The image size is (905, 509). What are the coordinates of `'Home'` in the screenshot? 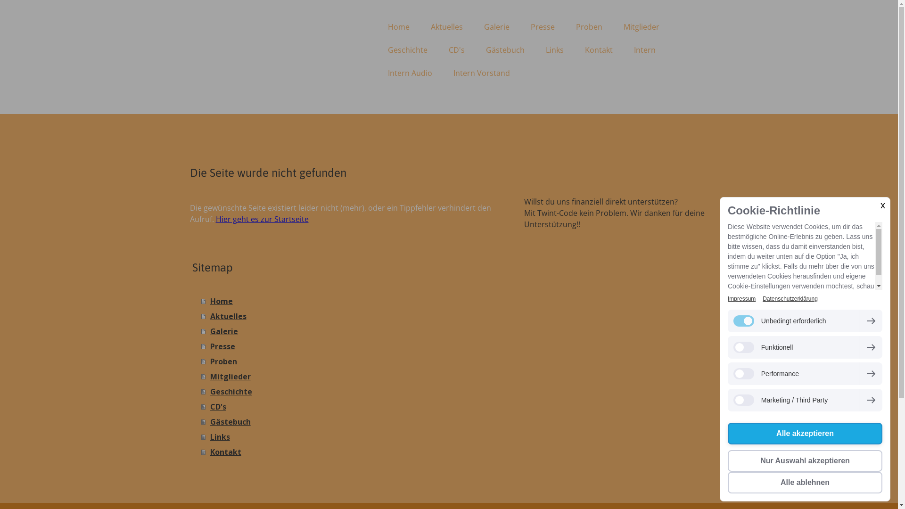 It's located at (398, 26).